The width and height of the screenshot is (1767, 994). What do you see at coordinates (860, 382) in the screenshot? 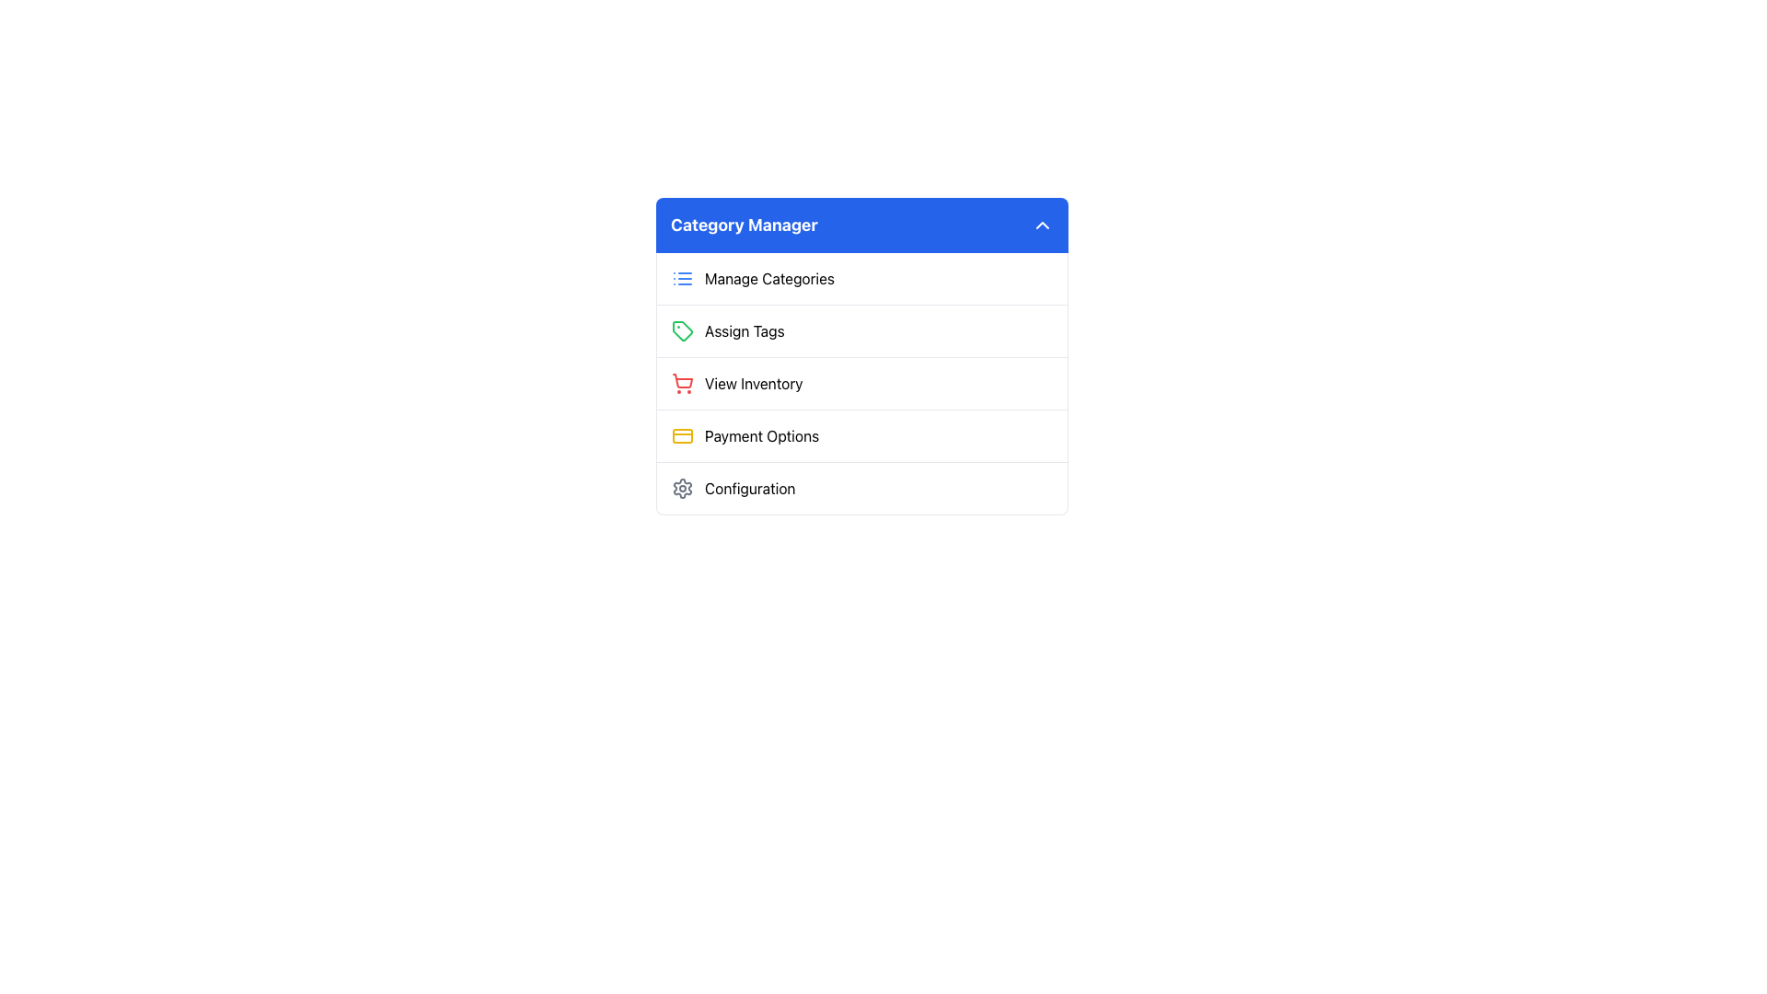
I see `the 'View Inventory' button, which has a red shopping cart icon and is styled with a white background, located in the list under 'Category Manager'` at bounding box center [860, 382].